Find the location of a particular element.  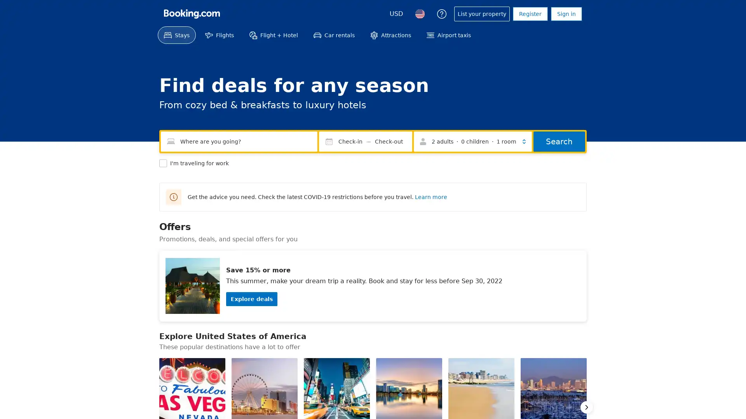

Choose your currency. Your current currency is U.S. Dollar is located at coordinates (396, 14).